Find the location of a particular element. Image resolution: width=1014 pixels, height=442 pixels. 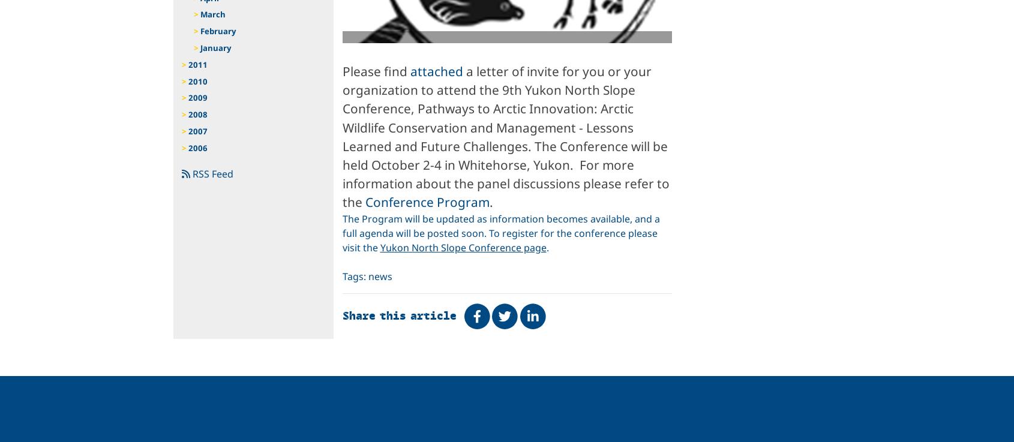

'Share this article' is located at coordinates (399, 314).